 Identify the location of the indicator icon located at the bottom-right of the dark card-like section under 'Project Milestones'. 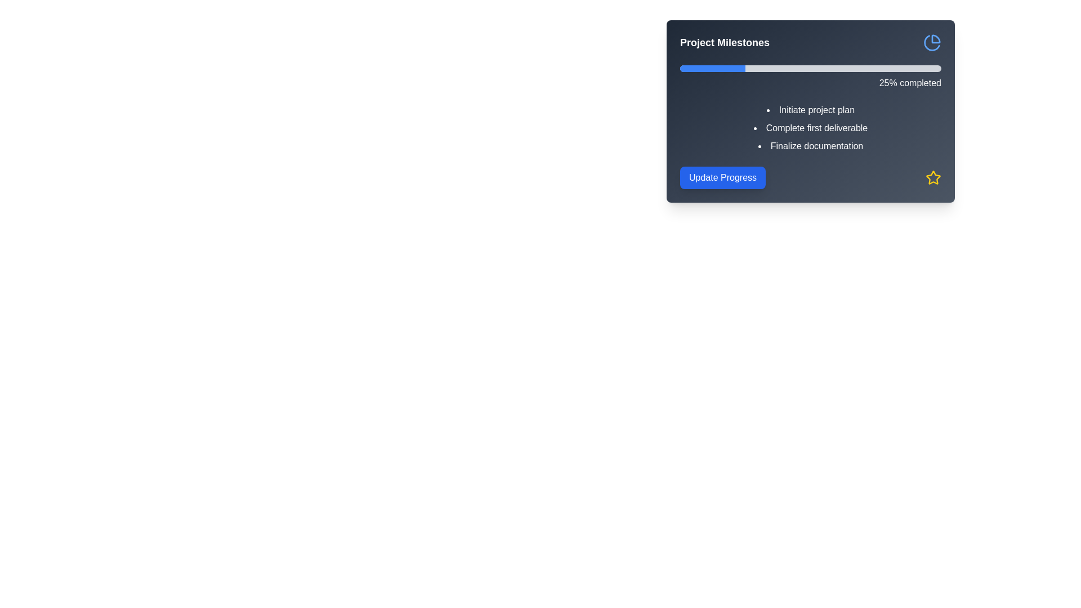
(933, 177).